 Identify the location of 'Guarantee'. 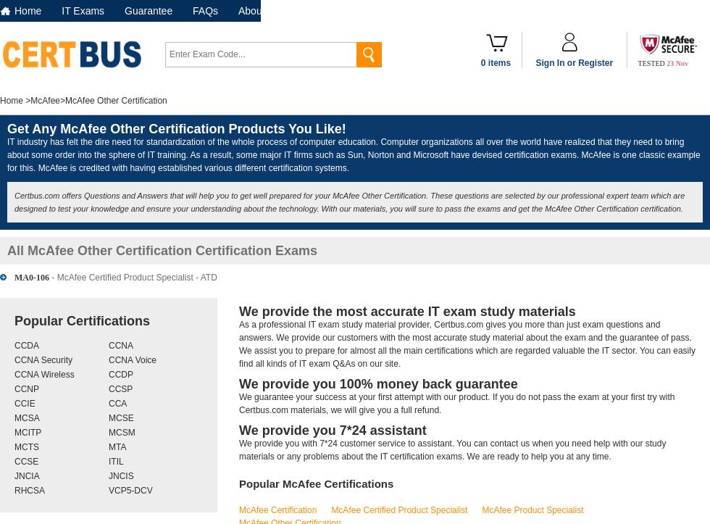
(124, 10).